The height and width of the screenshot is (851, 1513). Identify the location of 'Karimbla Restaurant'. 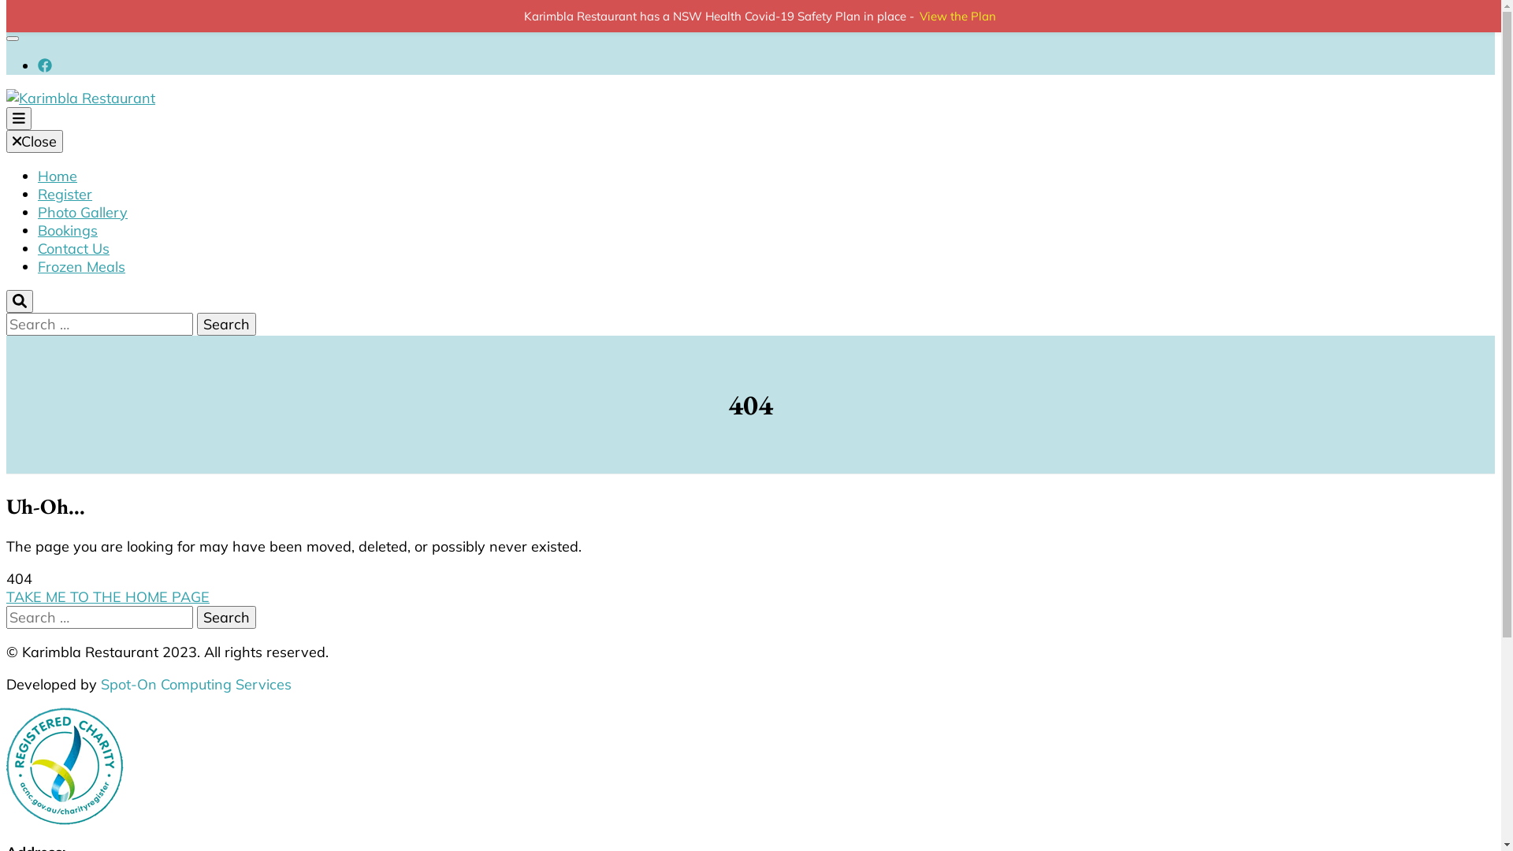
(232, 184).